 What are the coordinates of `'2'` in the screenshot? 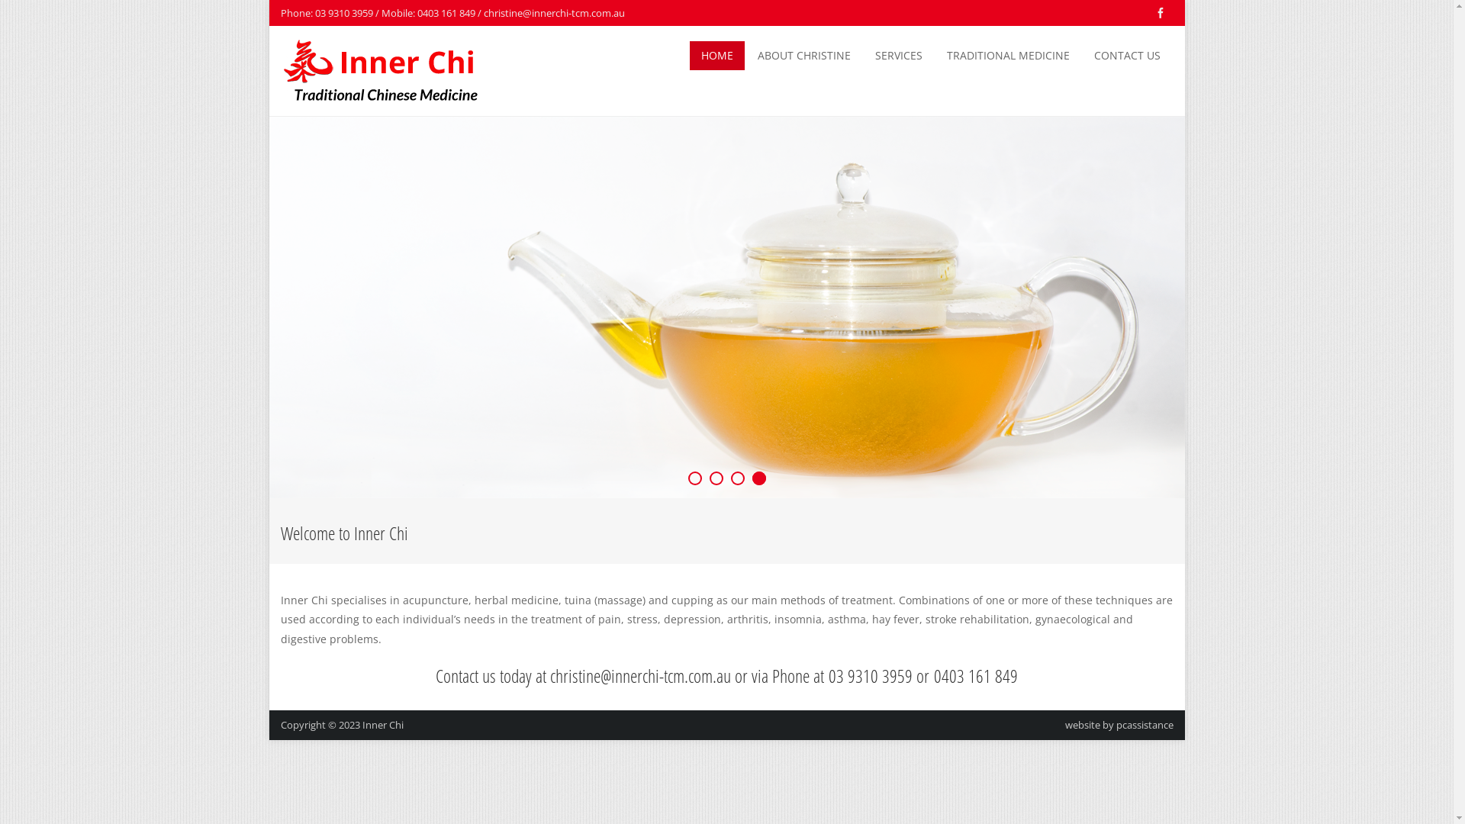 It's located at (716, 478).